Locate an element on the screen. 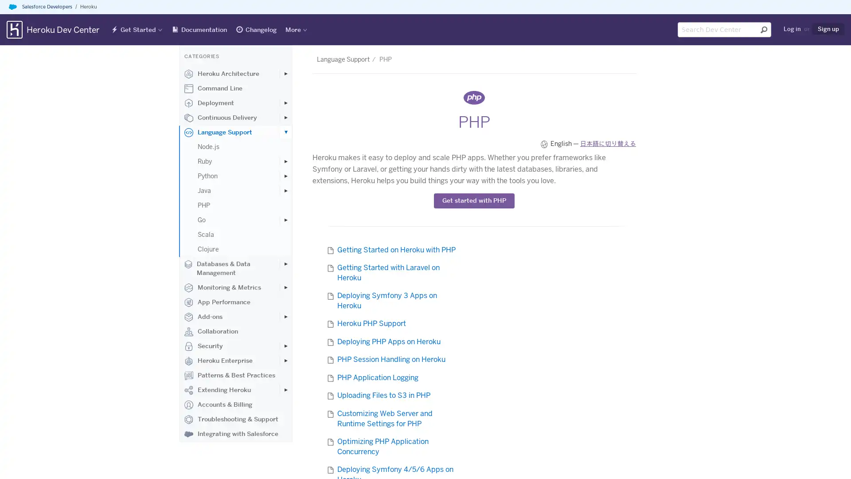 The image size is (851, 479). Submit search is located at coordinates (763, 29).